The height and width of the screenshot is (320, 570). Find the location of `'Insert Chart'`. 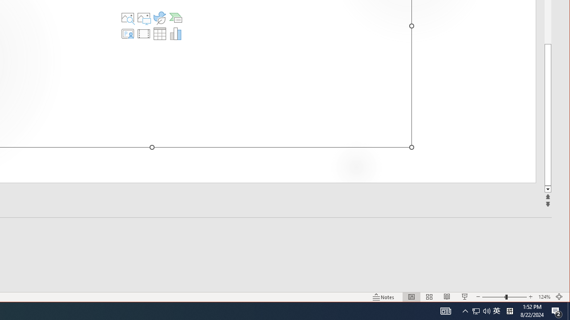

'Insert Chart' is located at coordinates (175, 33).